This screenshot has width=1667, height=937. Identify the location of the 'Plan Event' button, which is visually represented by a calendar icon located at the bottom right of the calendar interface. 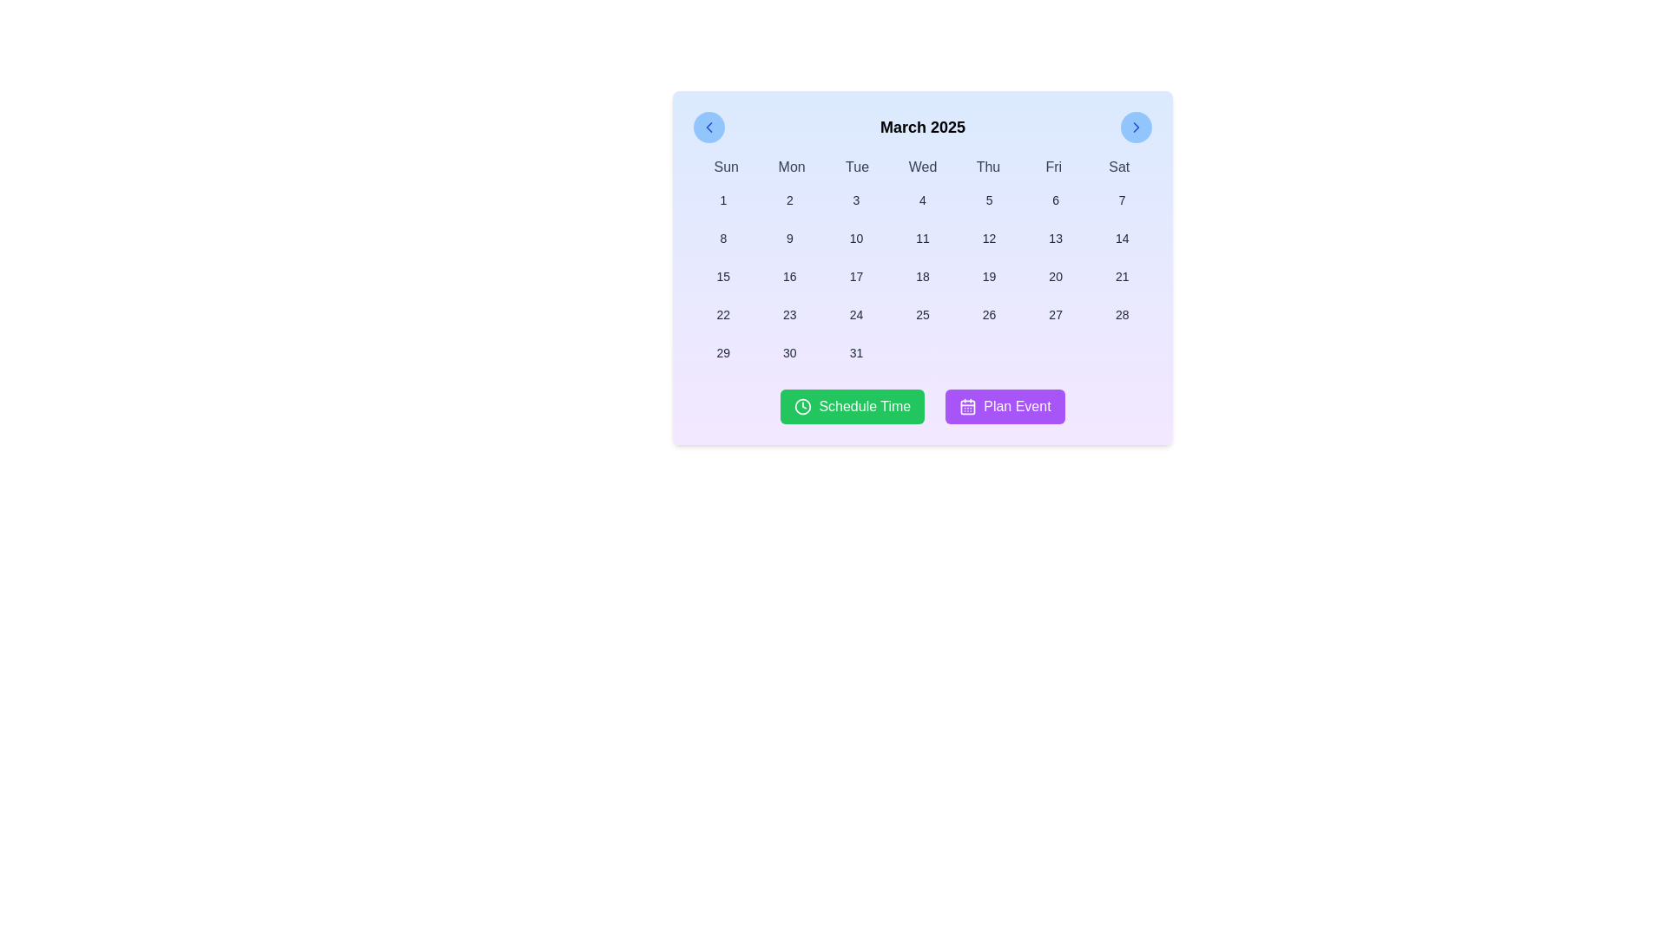
(967, 407).